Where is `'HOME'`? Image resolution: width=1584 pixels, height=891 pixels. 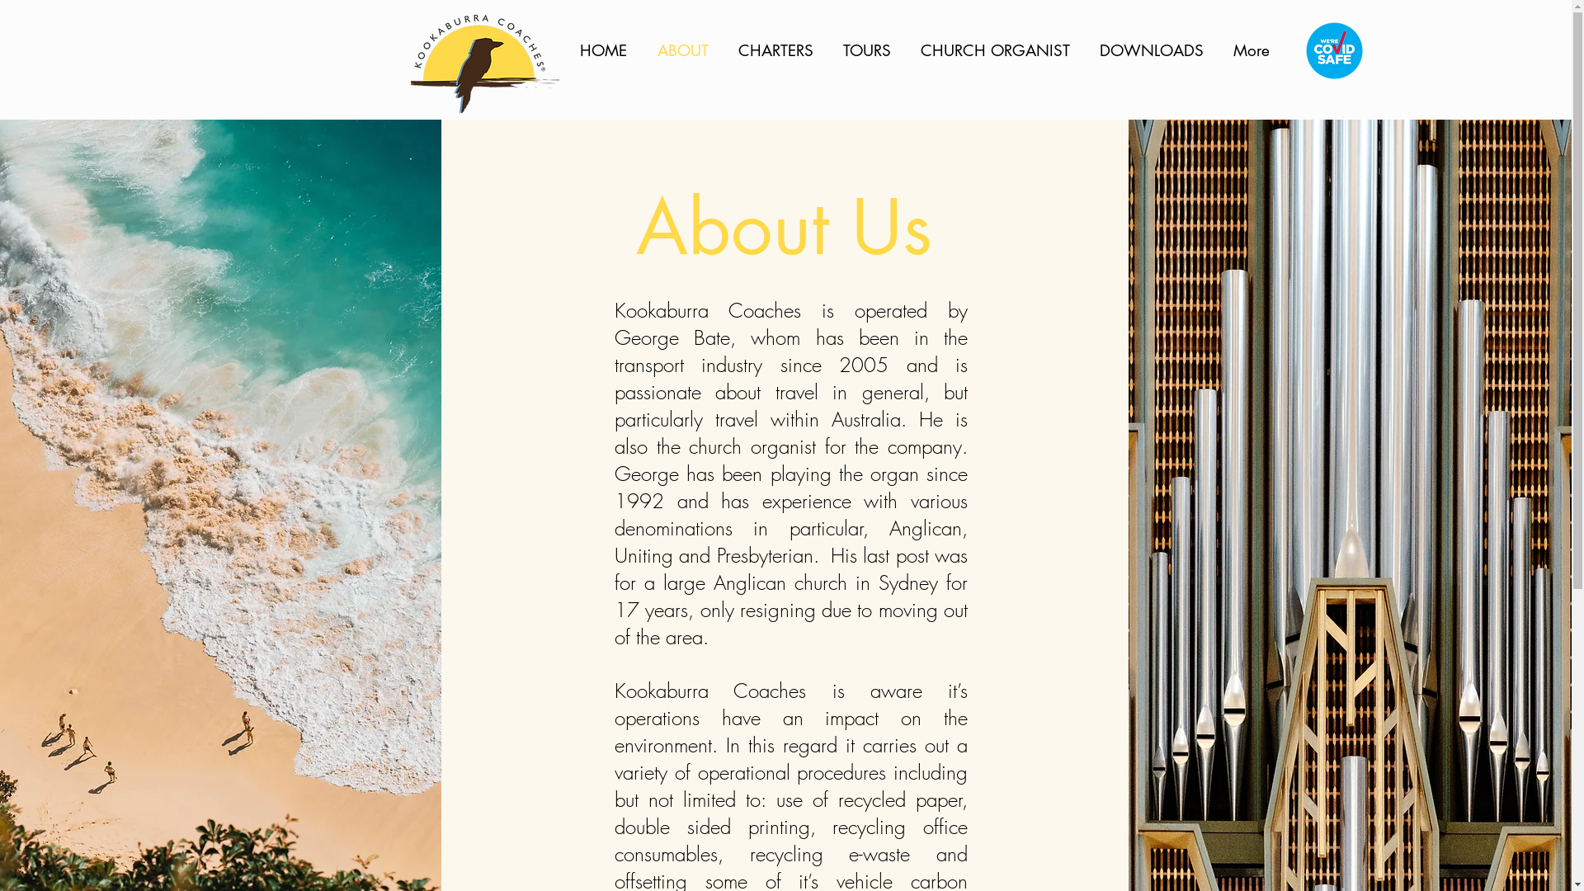
'HOME' is located at coordinates (567, 49).